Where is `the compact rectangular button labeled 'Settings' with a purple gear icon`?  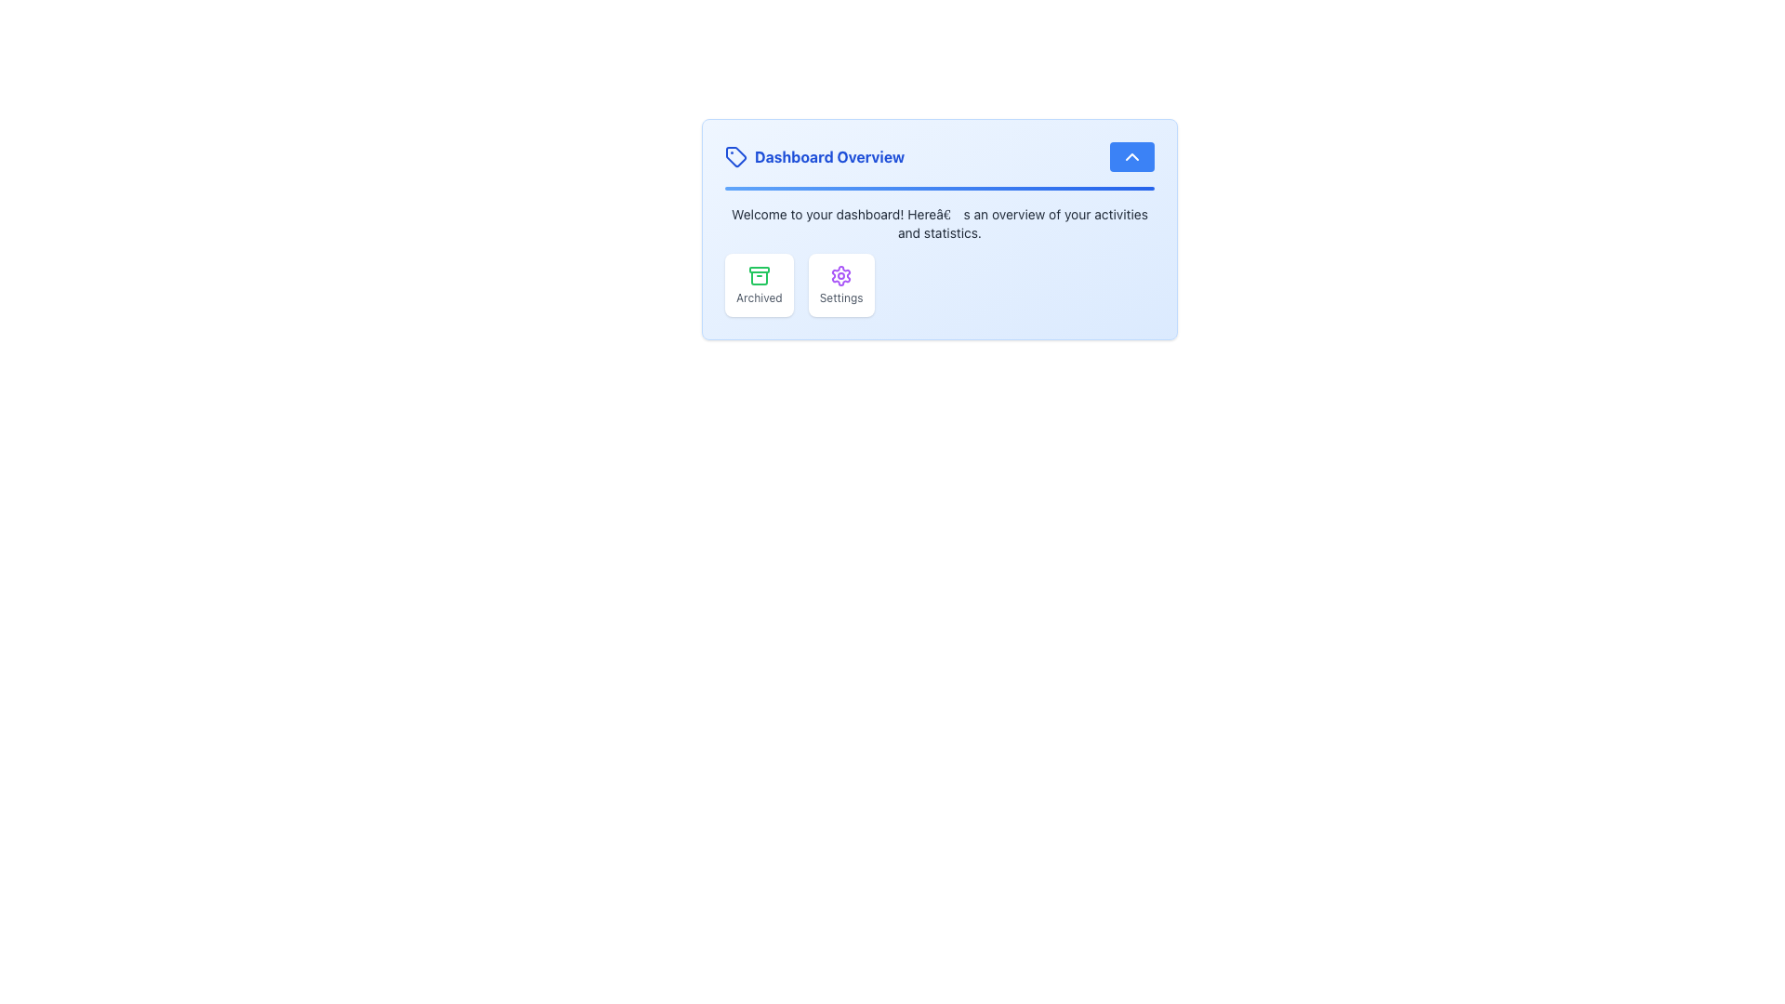 the compact rectangular button labeled 'Settings' with a purple gear icon is located at coordinates (840, 285).